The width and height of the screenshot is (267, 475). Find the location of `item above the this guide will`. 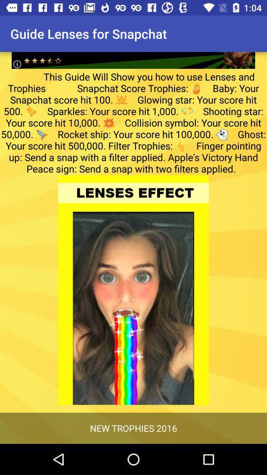

item above the this guide will is located at coordinates (133, 52).